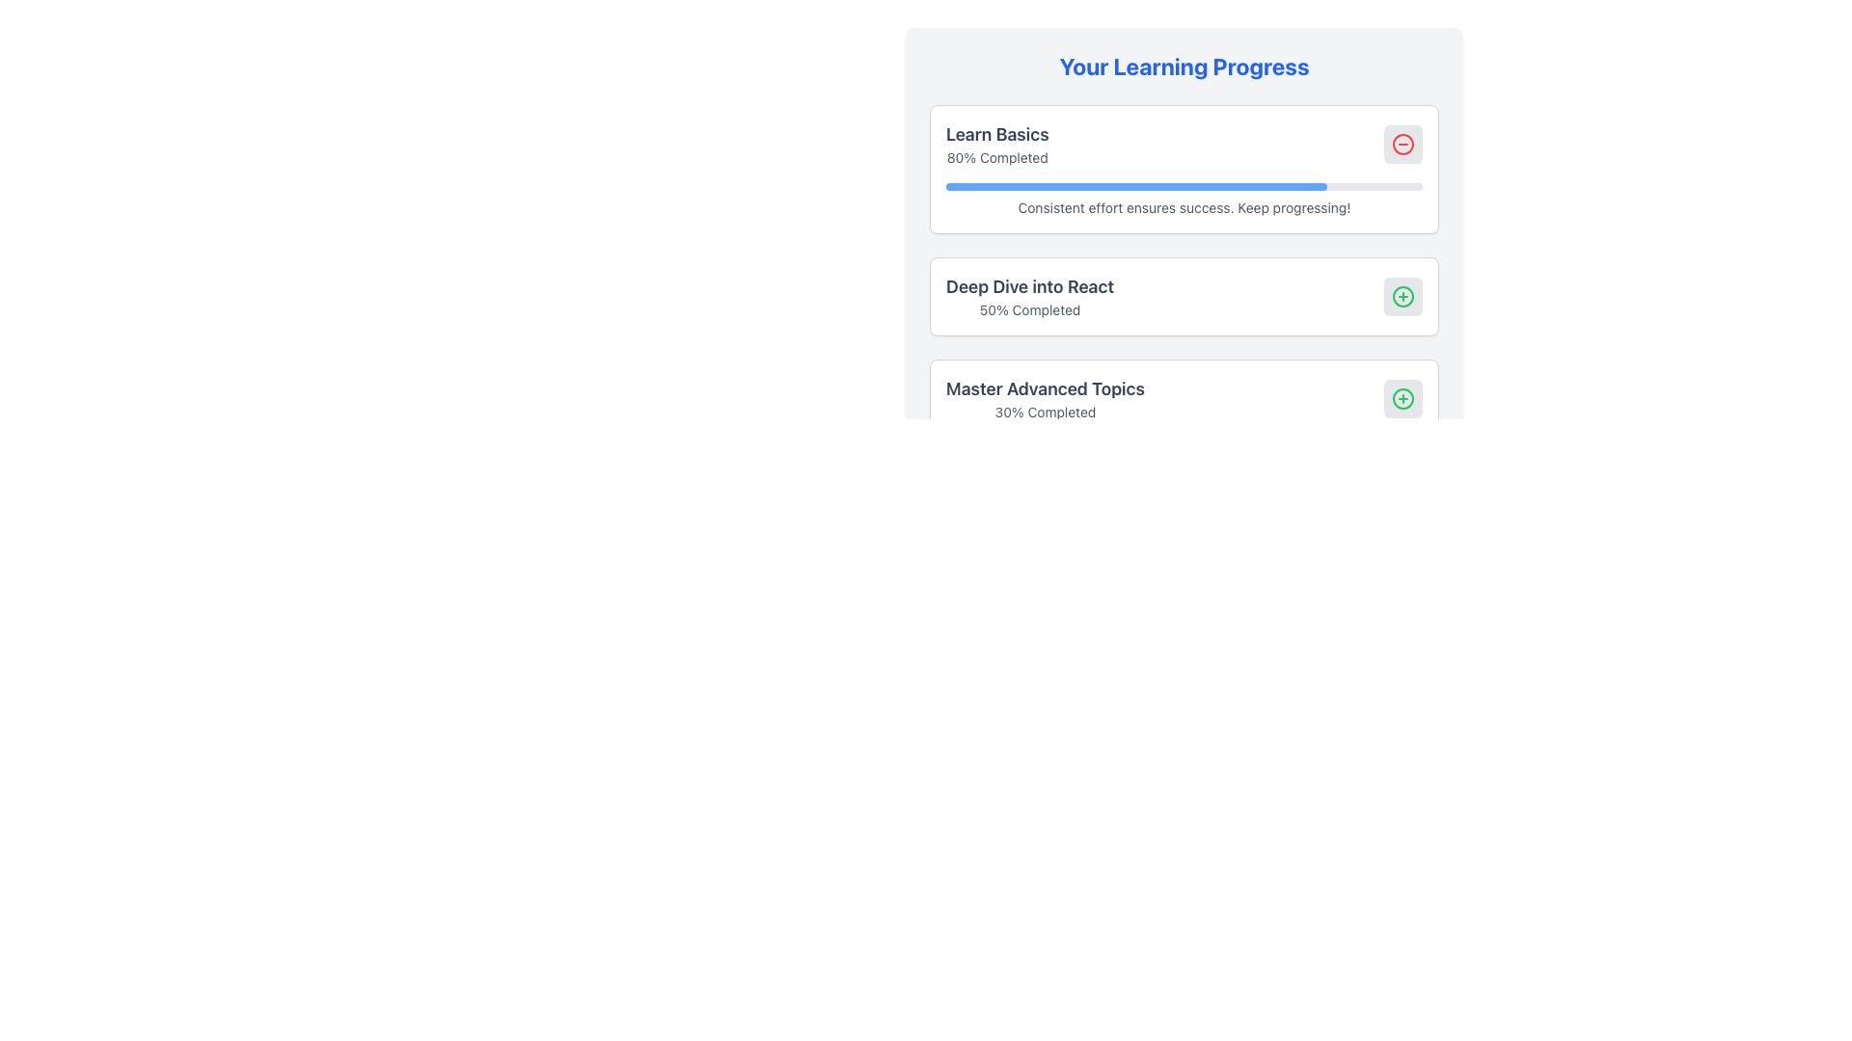  What do you see at coordinates (1403, 397) in the screenshot?
I see `the circular SVG element with a '+' symbol located at the right side of the third progress bar titled 'Master Advanced Topics' in the 'Your Learning Progress' section` at bounding box center [1403, 397].